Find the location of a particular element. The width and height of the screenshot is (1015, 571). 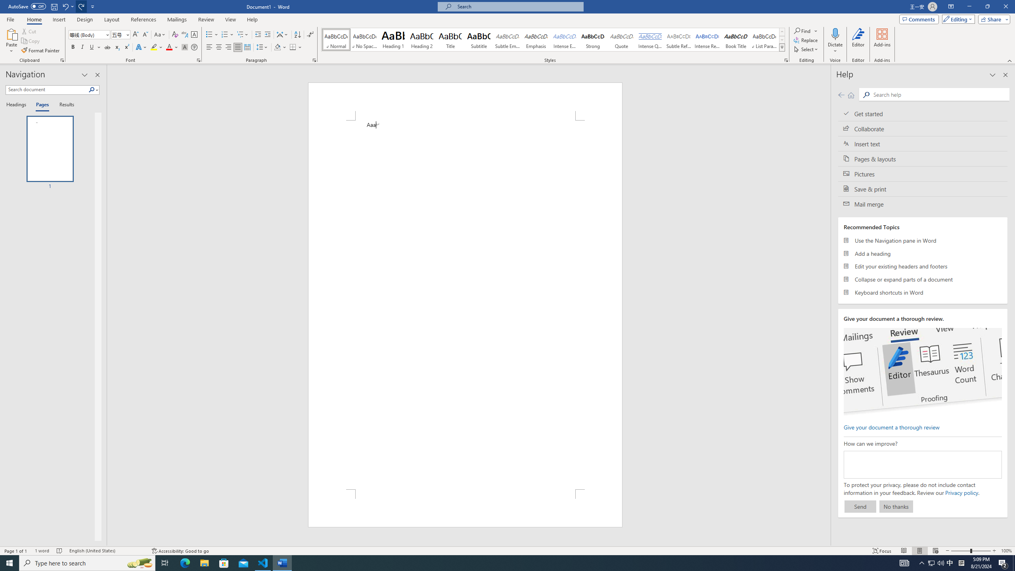

'Results' is located at coordinates (63, 105).